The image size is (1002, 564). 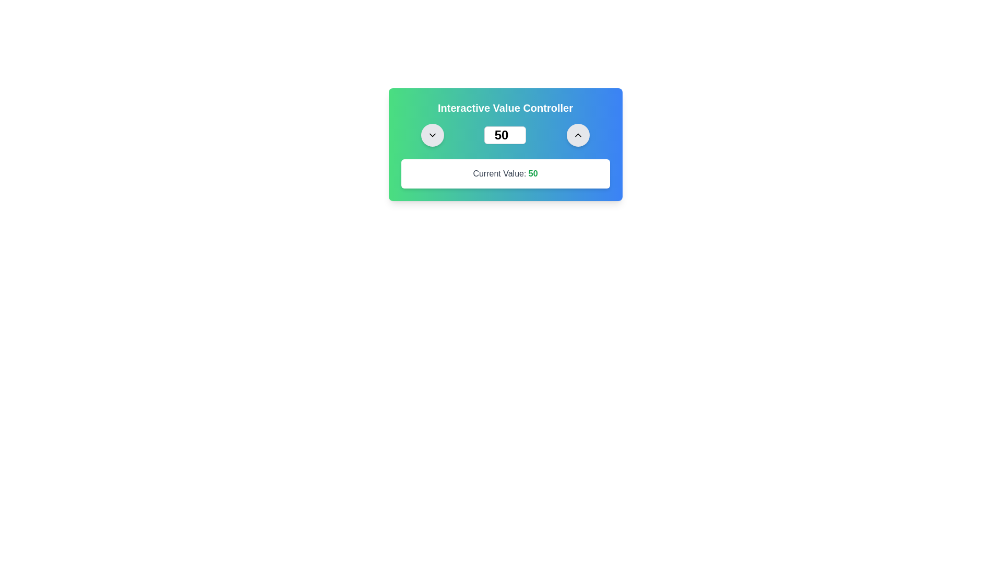 I want to click on the increment button located to the right of the numeric input field and another circular button with a downward chevron to increment the value displayed, so click(x=577, y=134).